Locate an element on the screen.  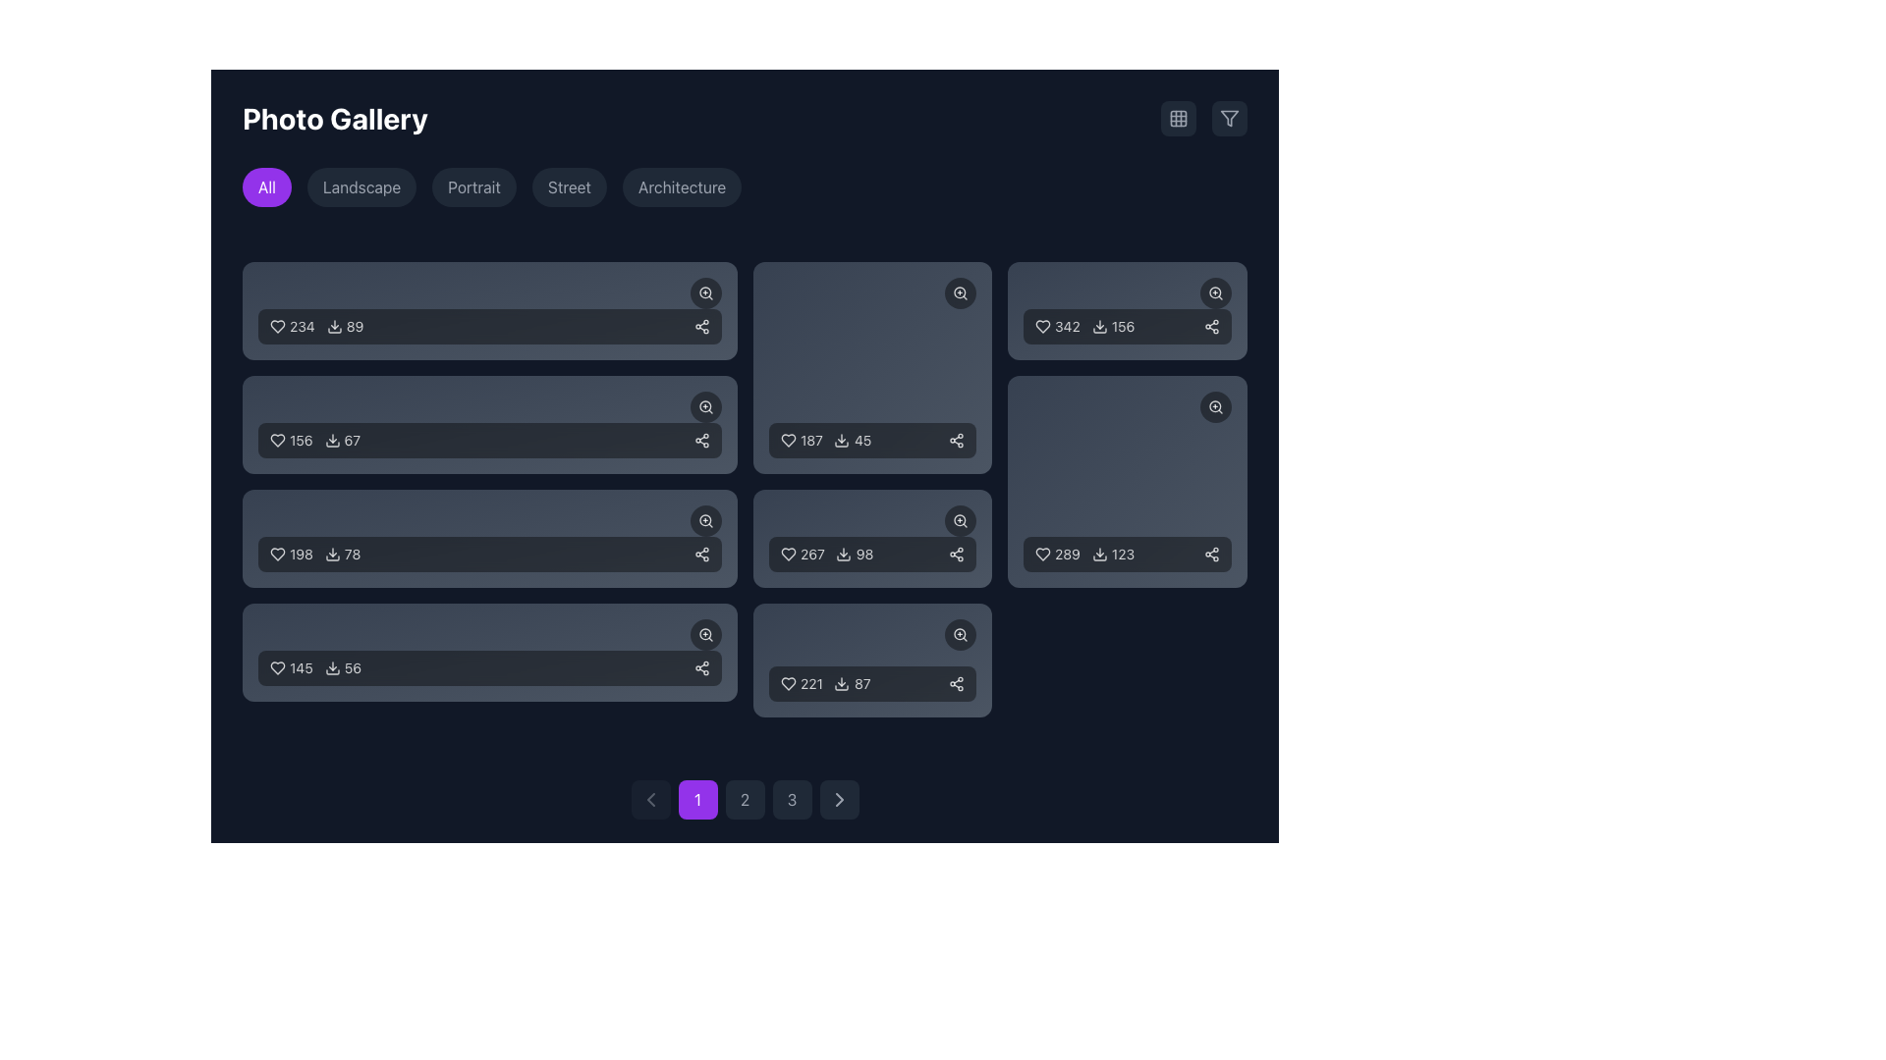
the download icon located in the third row of the gallery entry blocks, positioned to the left of the numerical text '78' and below '198', using keyboard controls is located at coordinates (332, 554).